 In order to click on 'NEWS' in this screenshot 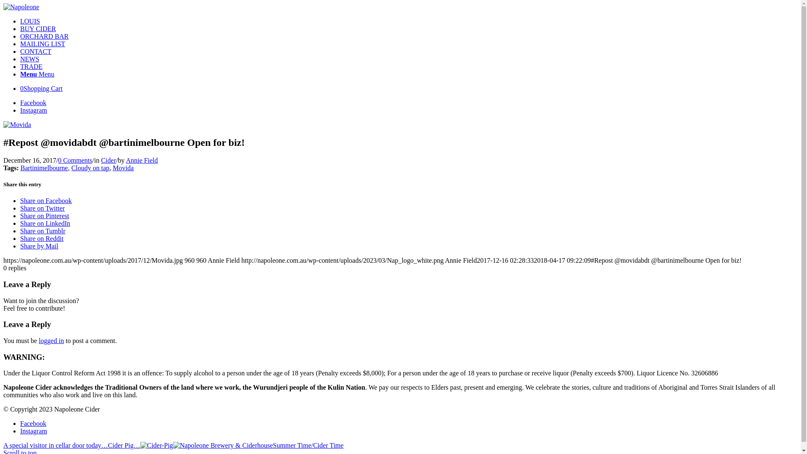, I will do `click(20, 58)`.